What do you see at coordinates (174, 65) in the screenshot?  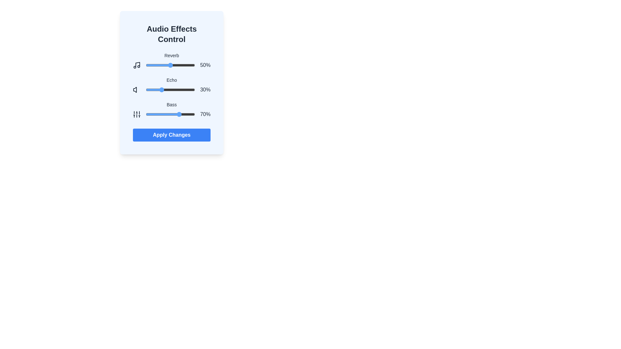 I see `the reverb effect` at bounding box center [174, 65].